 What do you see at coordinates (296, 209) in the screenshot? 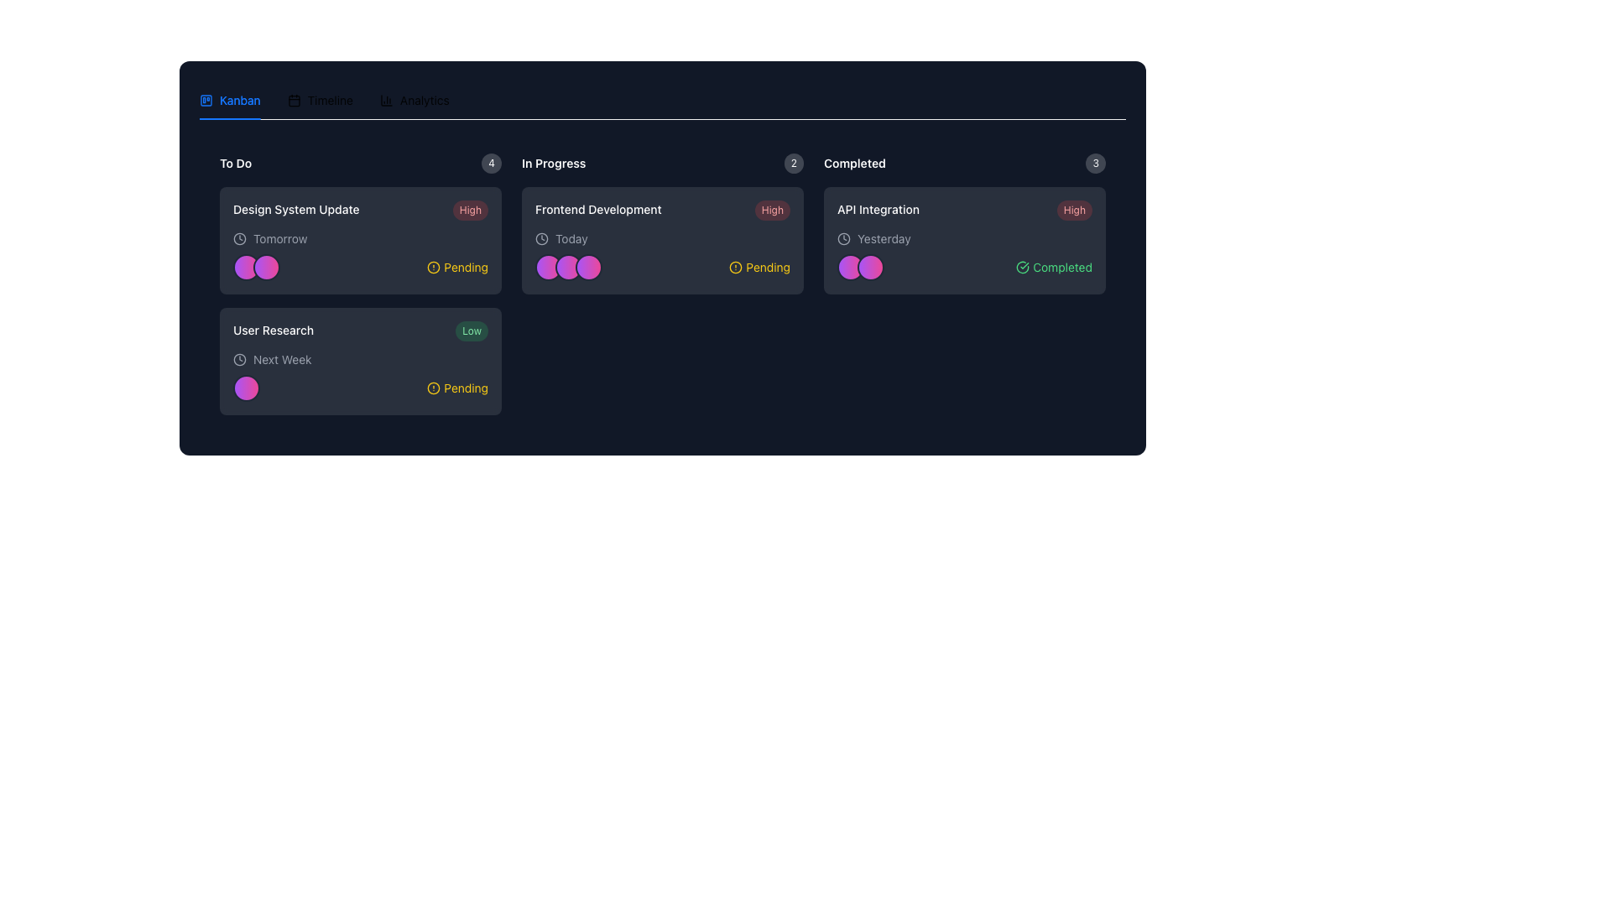
I see `text displayed in the Text element that shows 'Design System Update' located at the top-left corner of its containing card in the 'To Do' column of the Kanban board` at bounding box center [296, 209].